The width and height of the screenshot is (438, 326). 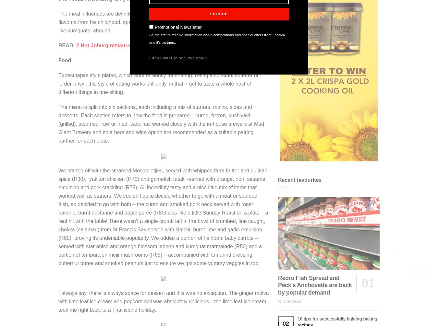 What do you see at coordinates (58, 22) in the screenshot?
I see `'The meal influences are definitely Asian with a very noticeable African twist. Jack draws on flavours from his childhood, spent on a farm in Zimbabwe – for example, unusual flavours, like kumquats, abound.'` at bounding box center [58, 22].